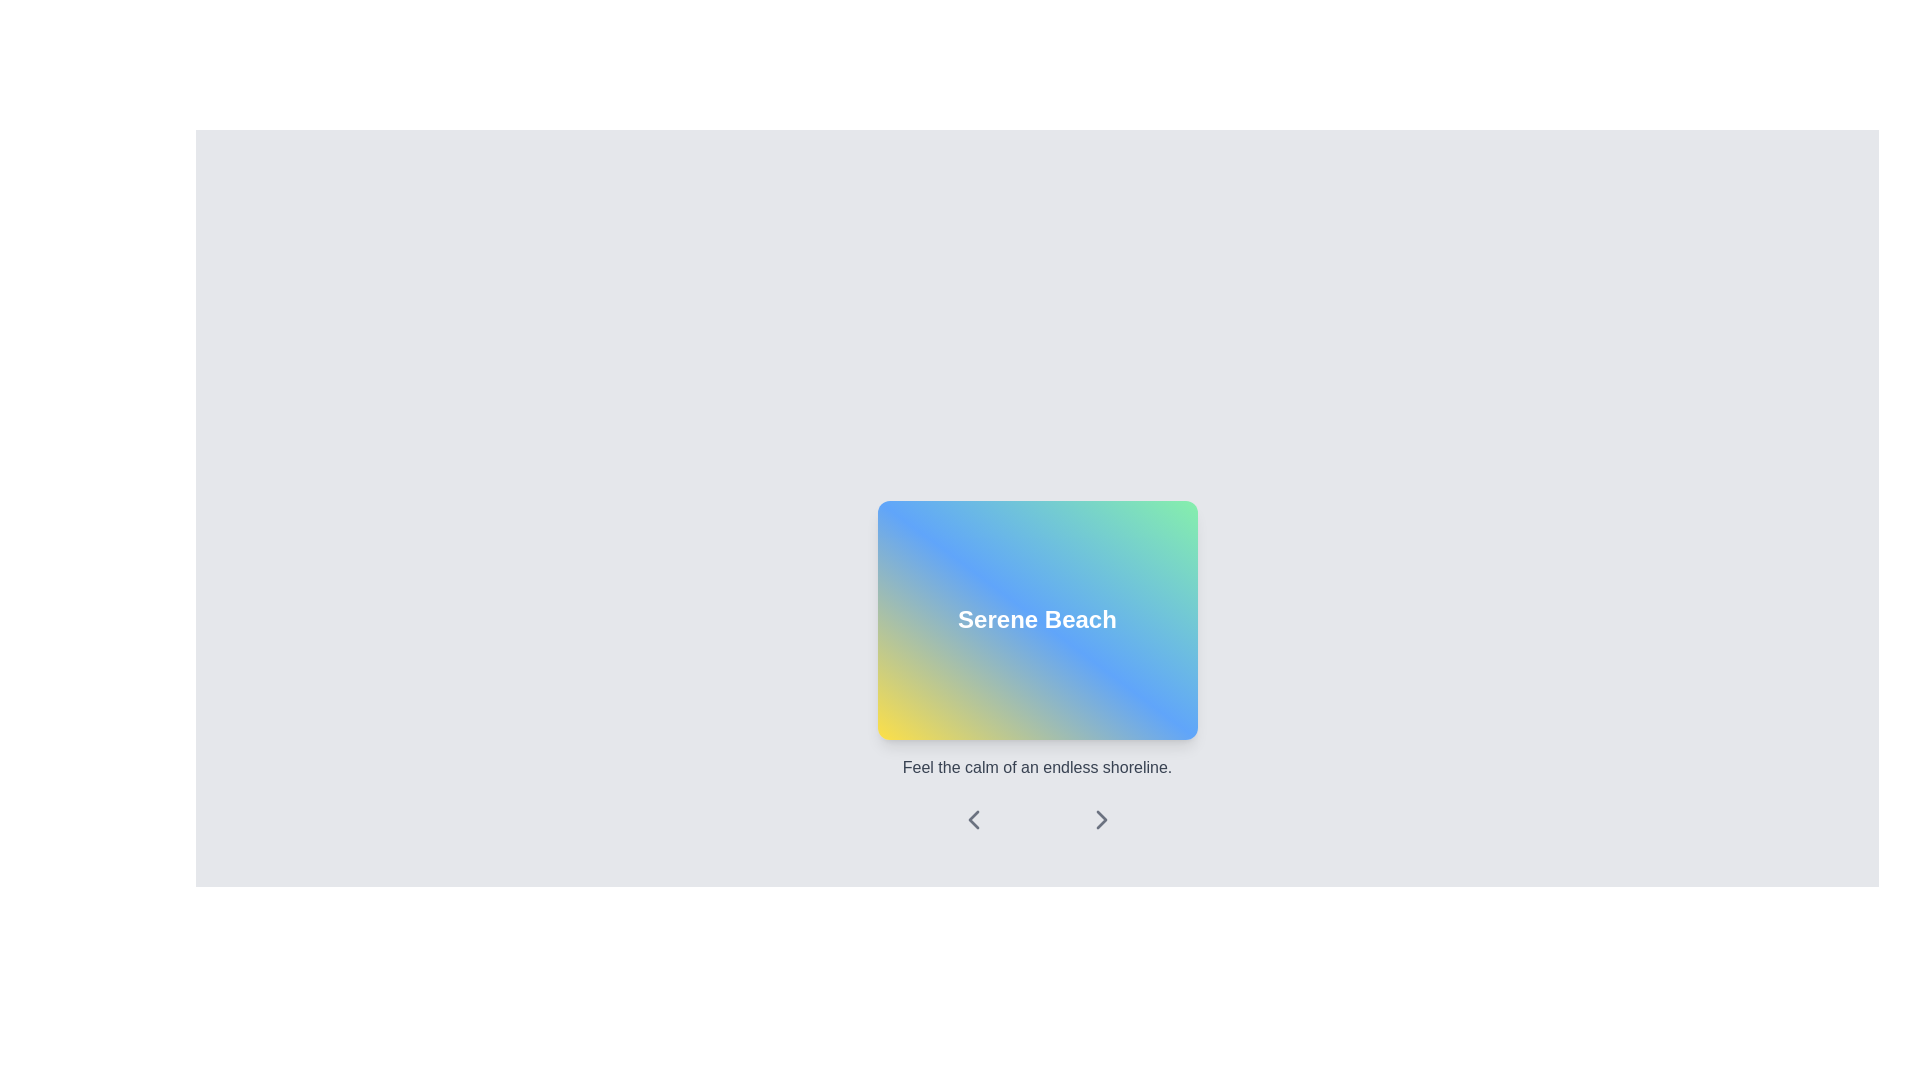  I want to click on the center dot of the Navigation control element, which is located below the 'Serene Beach' section and is visually represented by a smaller dot in a horizontal layout with two arrow icons on either side, so click(1037, 819).